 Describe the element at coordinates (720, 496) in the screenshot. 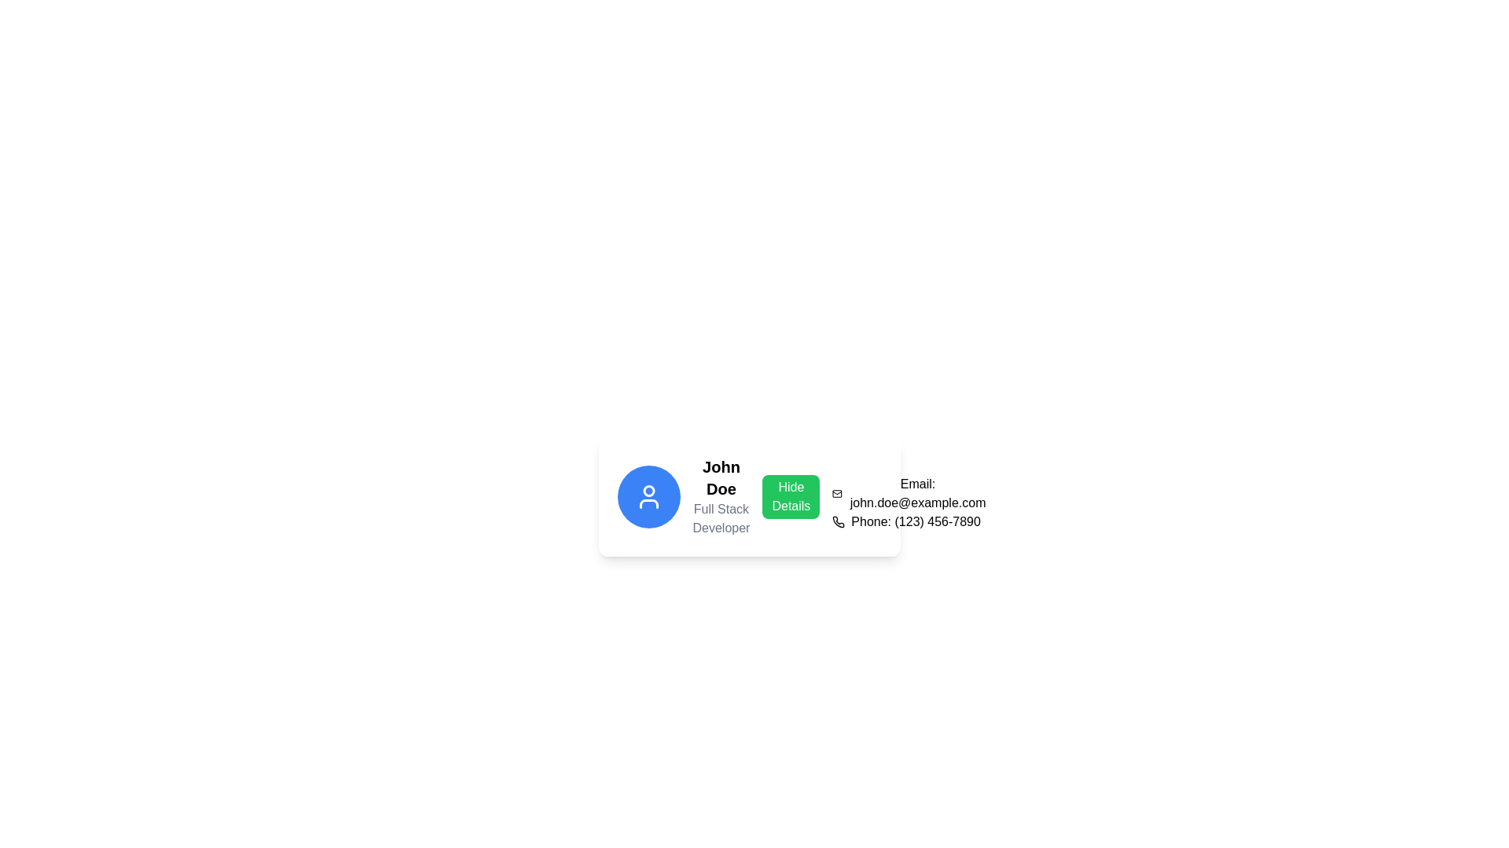

I see `the Text label displaying the name and job title of an individual, located to the right of a blue circular icon and slightly left of a green button labeled 'Hide Details'` at that location.